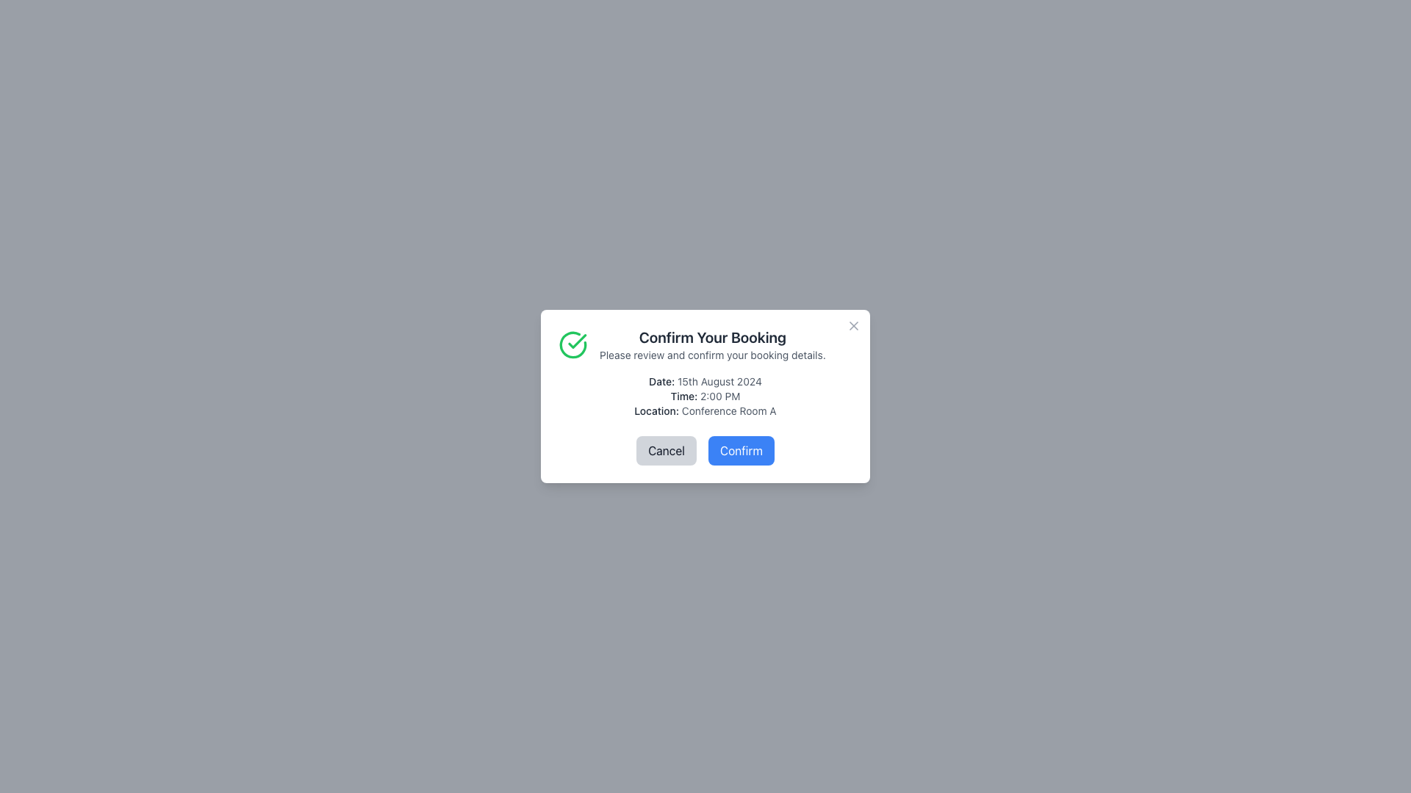 Image resolution: width=1411 pixels, height=793 pixels. What do you see at coordinates (705, 410) in the screenshot?
I see `the text label displaying 'Location: Conference Room A', which is the third text label below the 'Confirm Your Booking' heading` at bounding box center [705, 410].